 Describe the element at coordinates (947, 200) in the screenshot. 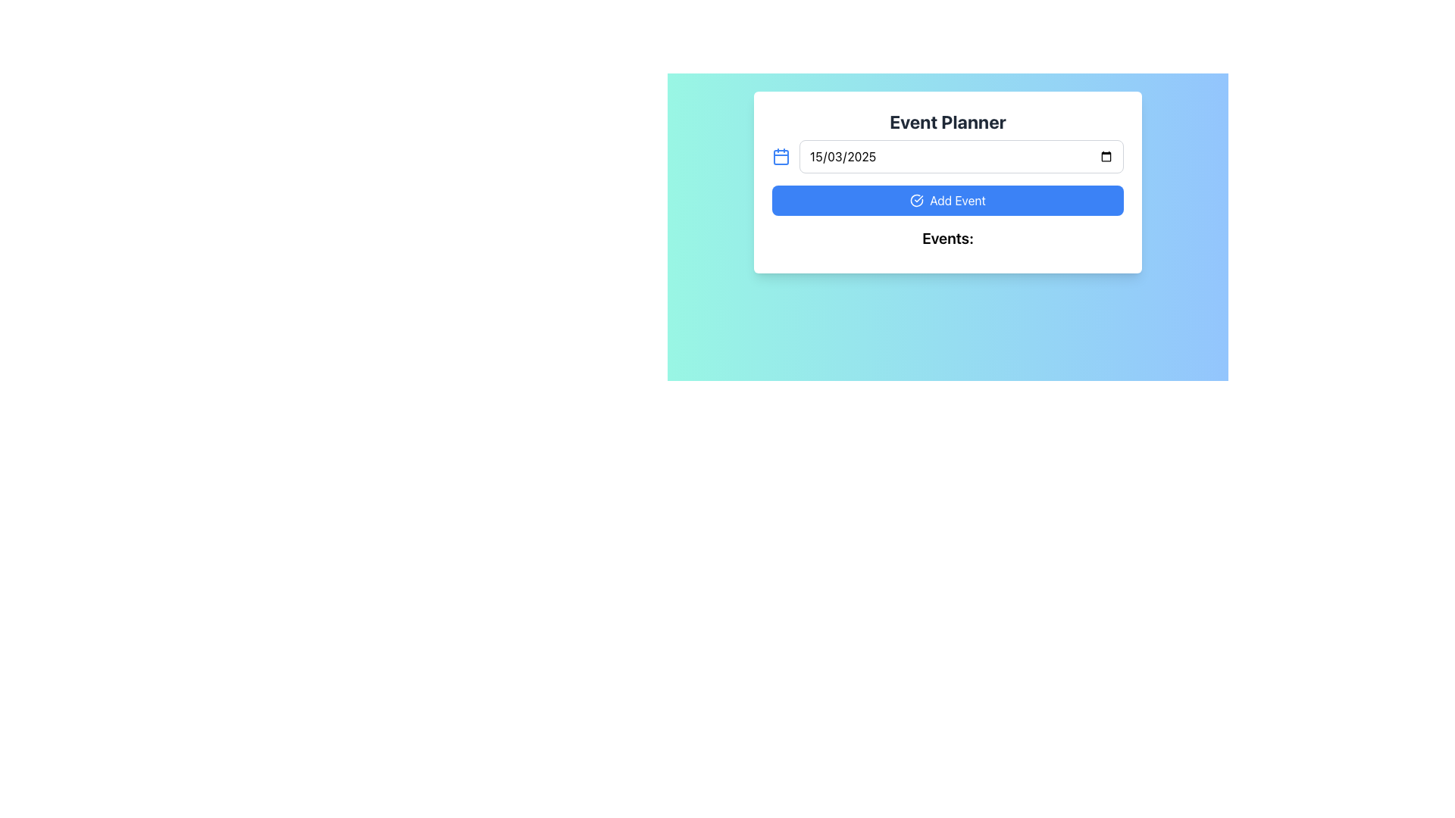

I see `the blue button located centrally in the 'Event Planner' interface` at that location.